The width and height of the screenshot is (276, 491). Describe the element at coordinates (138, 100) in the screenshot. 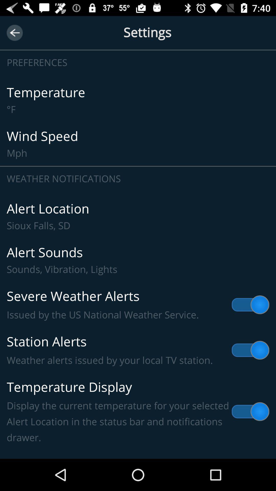

I see `the icon below the preferences item` at that location.